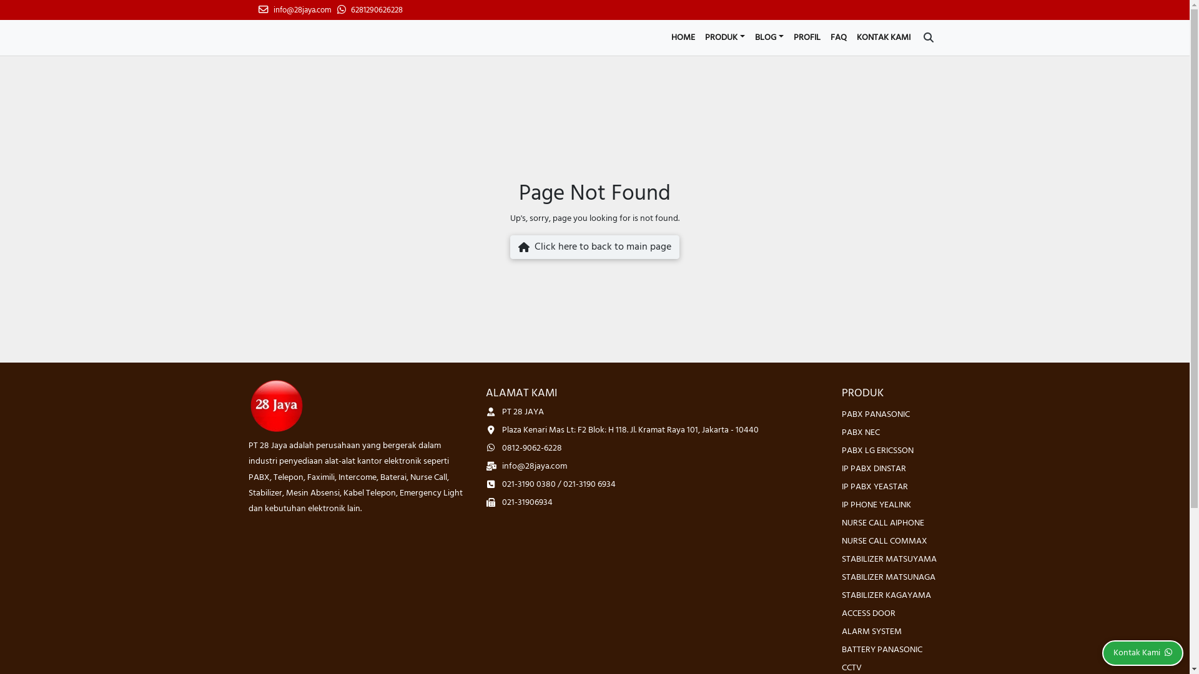 The image size is (1199, 674). What do you see at coordinates (683, 37) in the screenshot?
I see `'HOME'` at bounding box center [683, 37].